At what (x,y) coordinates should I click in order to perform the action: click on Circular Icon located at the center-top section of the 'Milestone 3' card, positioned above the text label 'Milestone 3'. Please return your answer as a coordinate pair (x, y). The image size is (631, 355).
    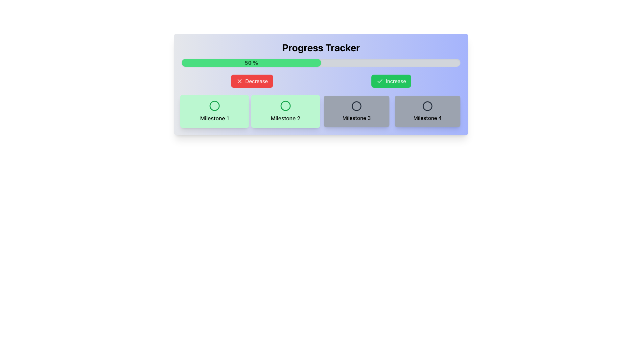
    Looking at the image, I should click on (356, 106).